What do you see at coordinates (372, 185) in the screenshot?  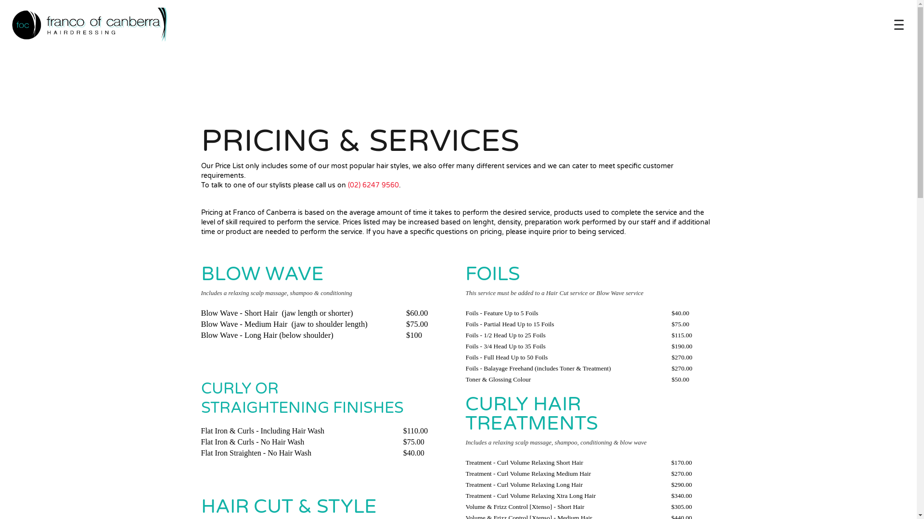 I see `'(02) 6247 9560'` at bounding box center [372, 185].